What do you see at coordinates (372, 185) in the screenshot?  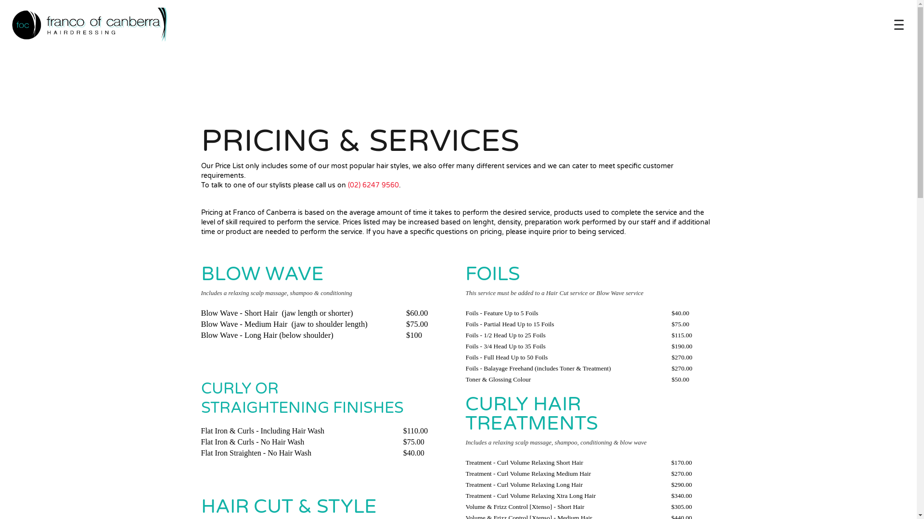 I see `'(02) 6247 9560'` at bounding box center [372, 185].